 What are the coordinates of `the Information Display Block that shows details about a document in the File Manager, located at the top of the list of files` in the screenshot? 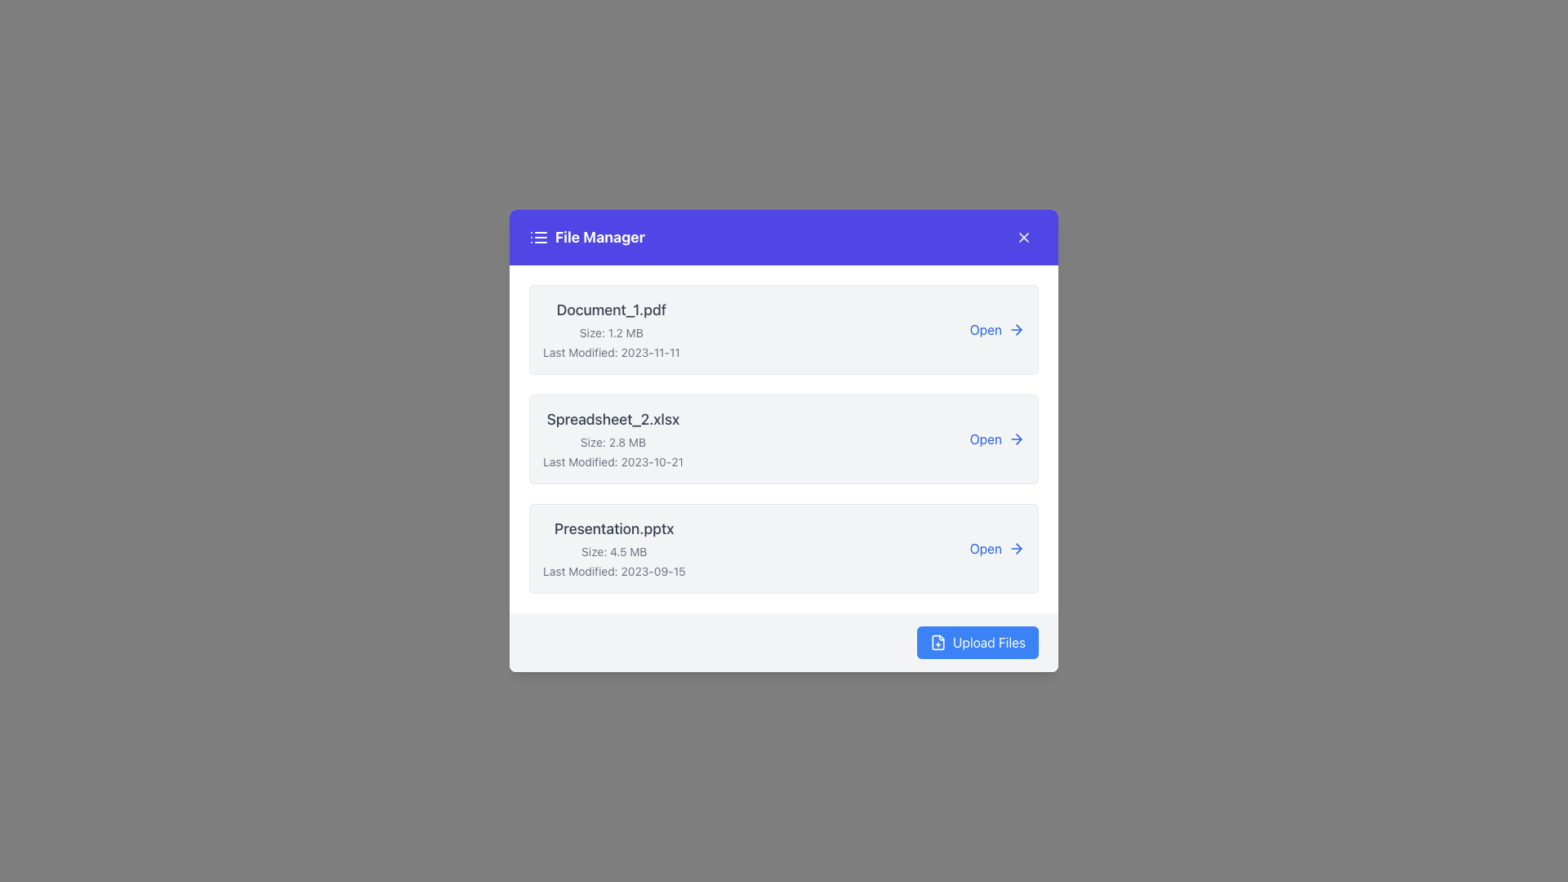 It's located at (610, 330).